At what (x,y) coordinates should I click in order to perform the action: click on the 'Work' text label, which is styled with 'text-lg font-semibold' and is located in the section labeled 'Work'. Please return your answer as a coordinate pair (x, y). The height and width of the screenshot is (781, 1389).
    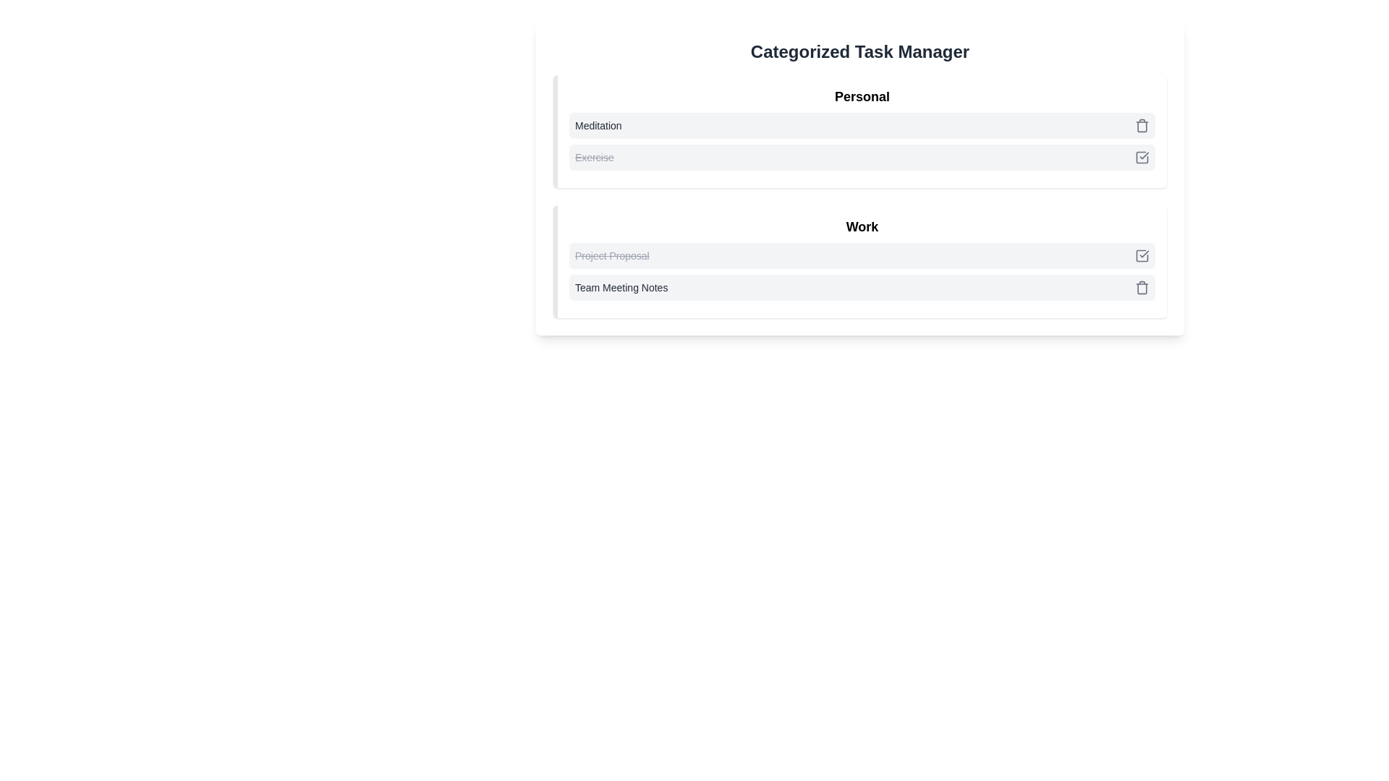
    Looking at the image, I should click on (862, 226).